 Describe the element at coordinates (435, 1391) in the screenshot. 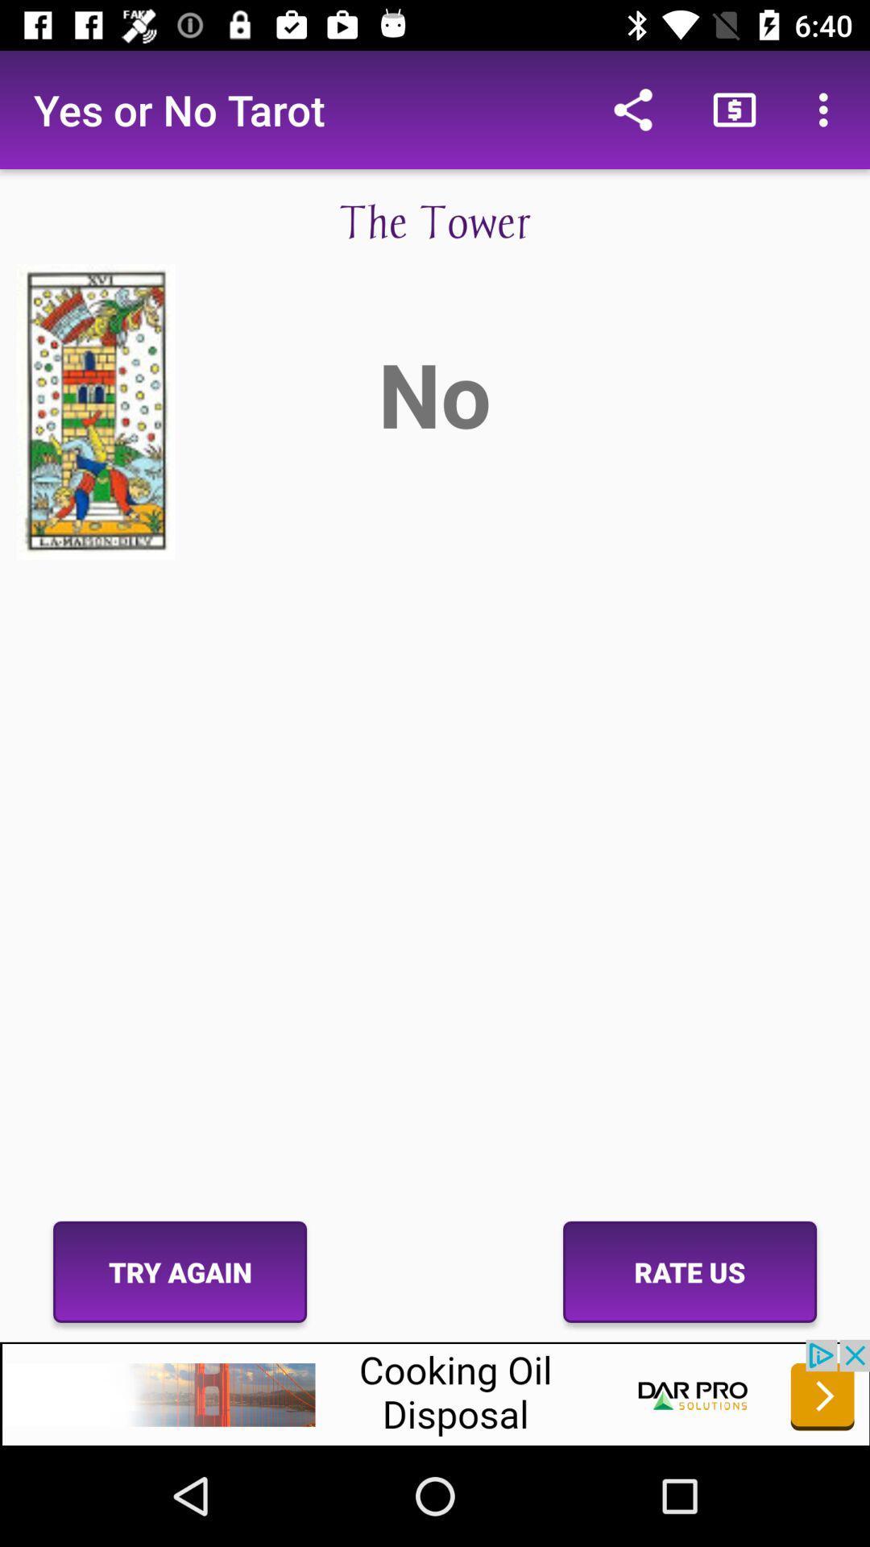

I see `external advertisement` at that location.